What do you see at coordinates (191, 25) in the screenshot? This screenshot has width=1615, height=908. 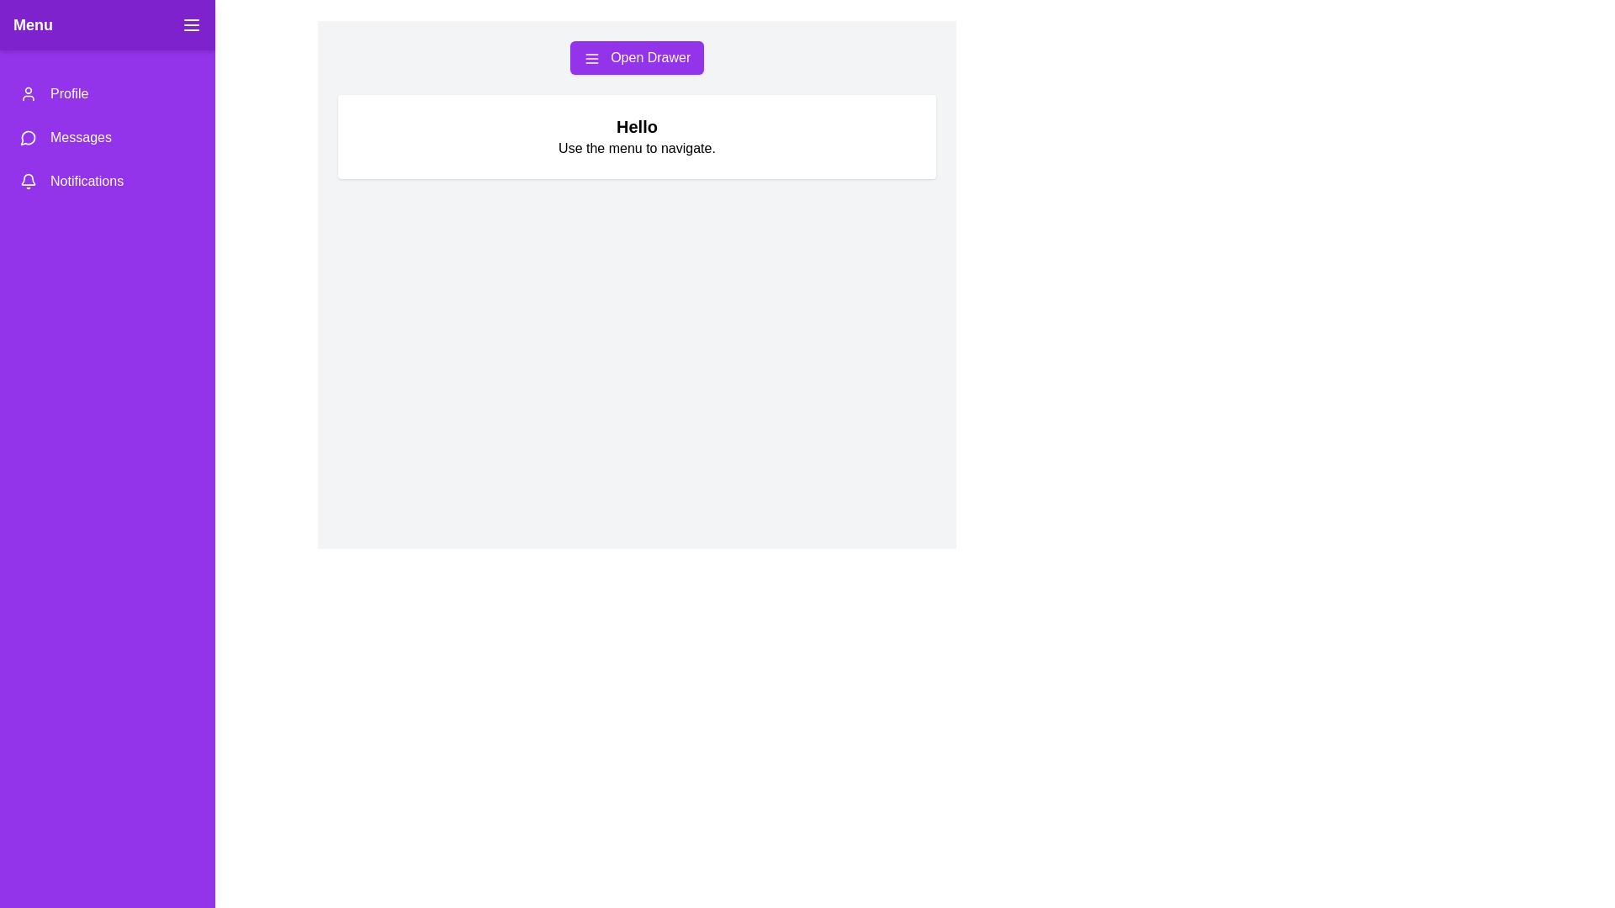 I see `the menu toggle button located on the top-right corner of the purple rectangular section containing the 'Menu' text` at bounding box center [191, 25].